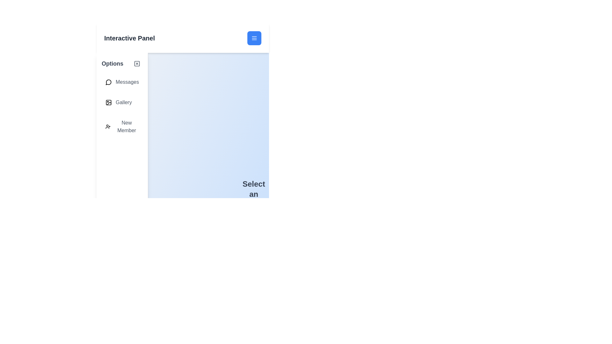 The image size is (612, 344). I want to click on the 'Messages' button, which features a speech bubble icon and is the first item in the vertical list under the 'Options' section in the left sidebar panel, so click(122, 82).